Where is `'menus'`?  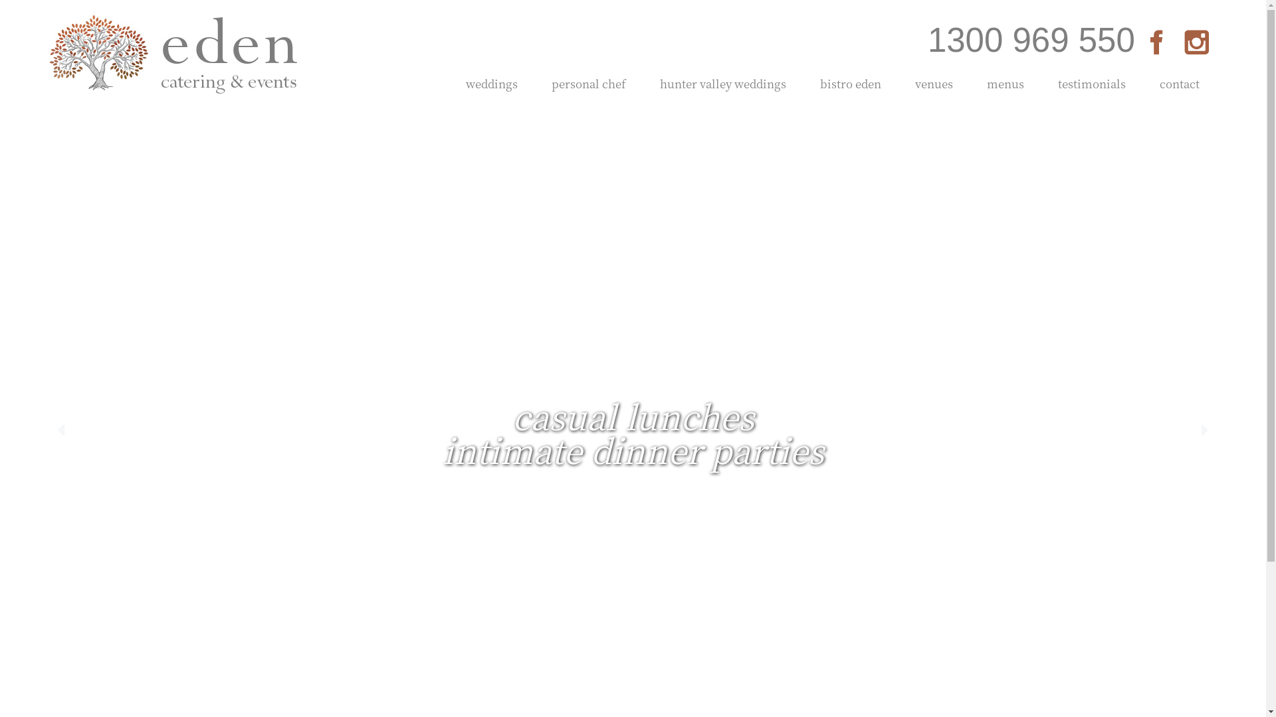 'menus' is located at coordinates (1006, 84).